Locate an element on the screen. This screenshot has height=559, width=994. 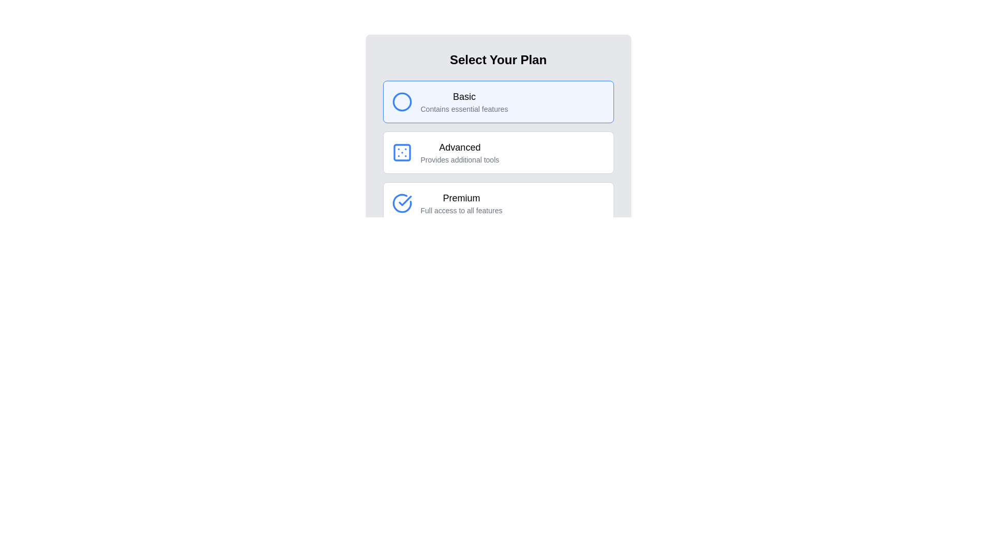
the Checkmark icon that signifies the selection of the 'Premium' plan, positioned adjacent to the 'Premium' plan option is located at coordinates (404, 201).